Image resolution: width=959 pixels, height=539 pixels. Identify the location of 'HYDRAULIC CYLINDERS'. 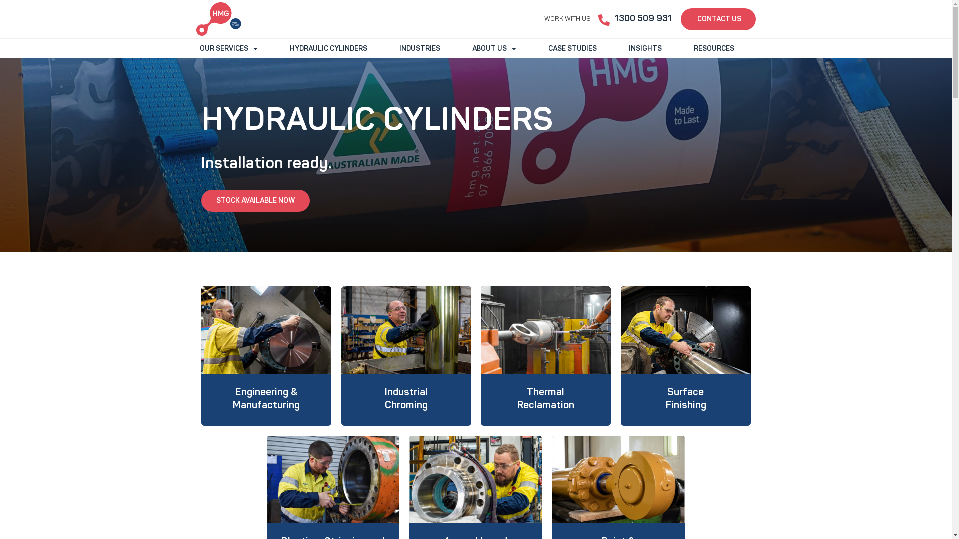
(328, 48).